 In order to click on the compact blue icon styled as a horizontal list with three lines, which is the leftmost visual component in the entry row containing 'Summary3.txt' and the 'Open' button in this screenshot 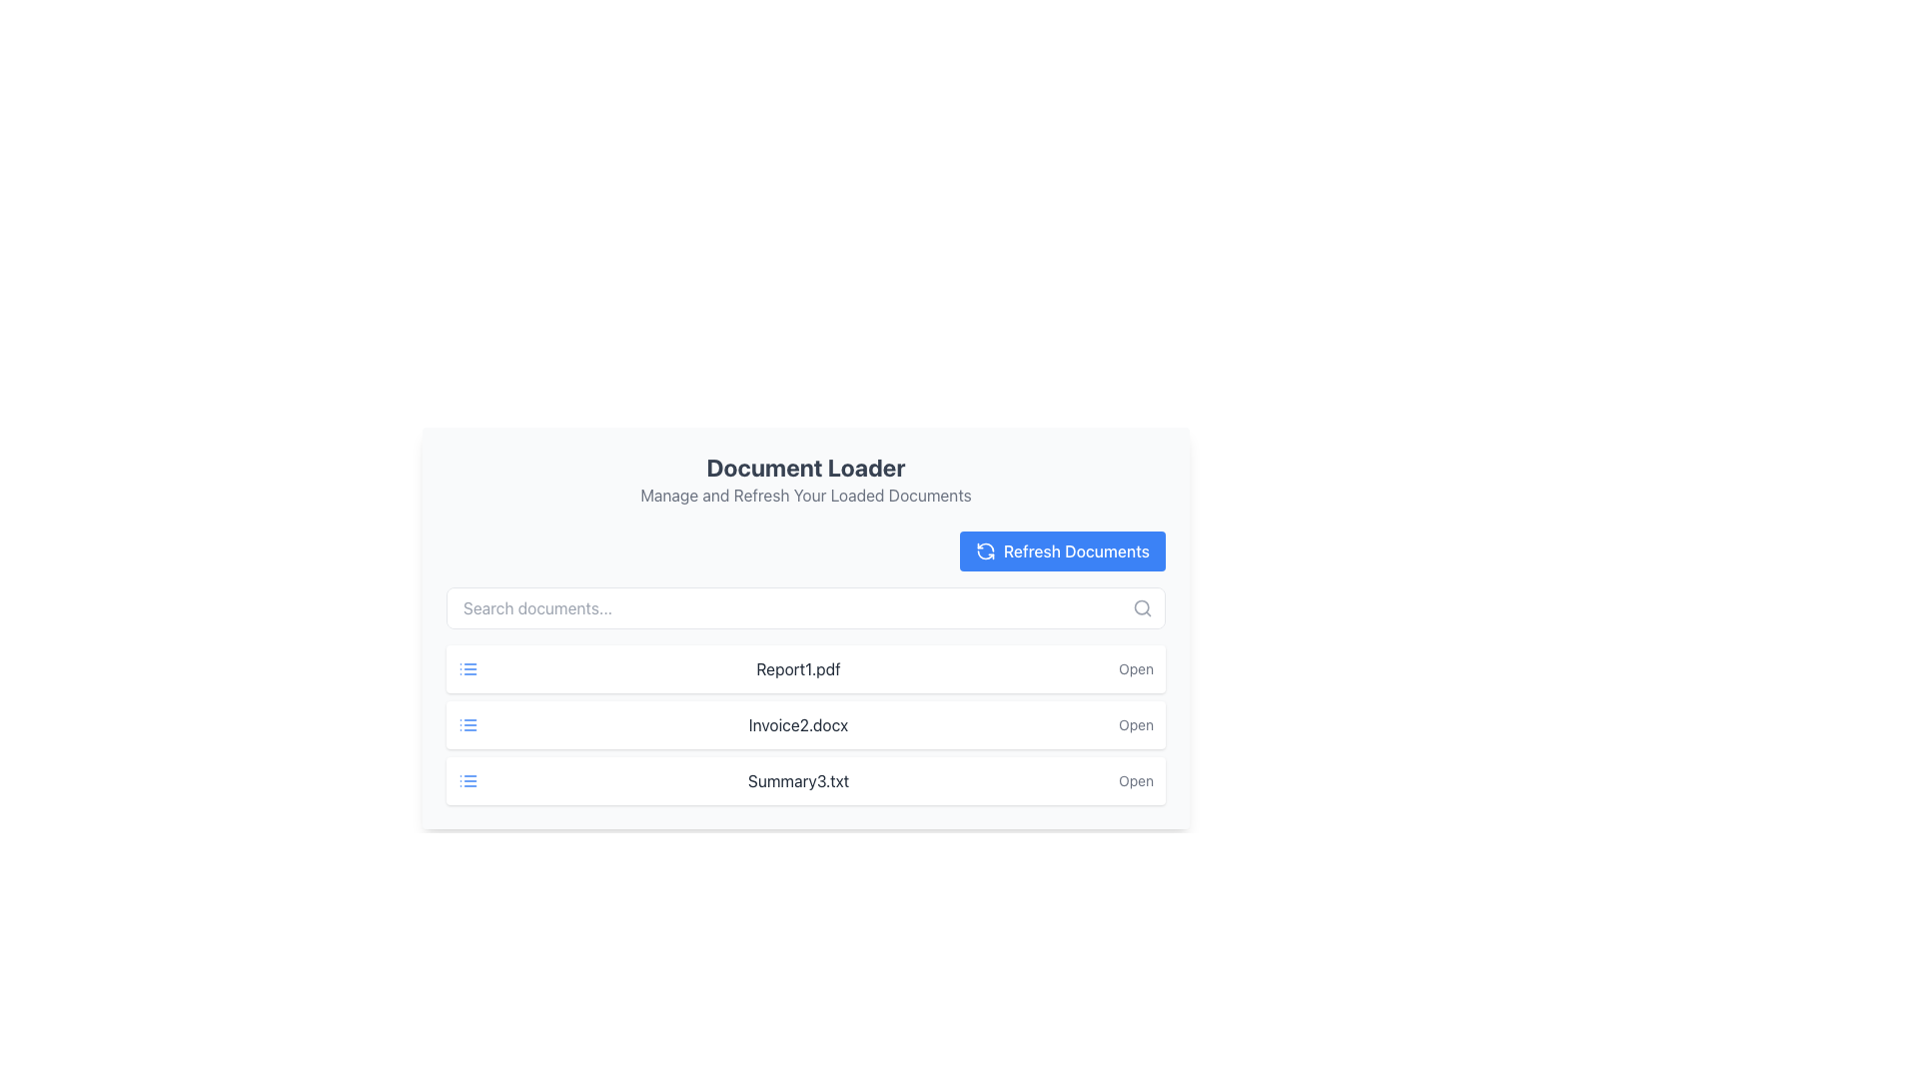, I will do `click(468, 780)`.